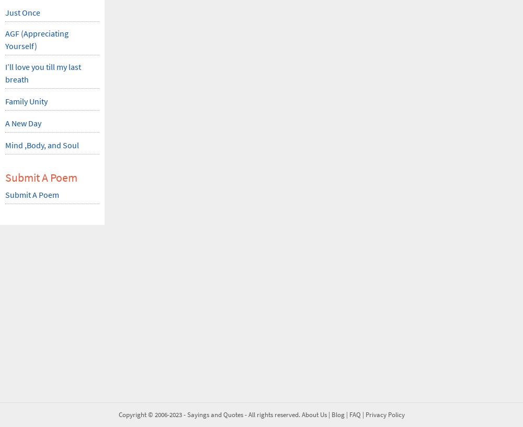 The width and height of the screenshot is (523, 427). Describe the element at coordinates (5, 11) in the screenshot. I see `'Just Once'` at that location.